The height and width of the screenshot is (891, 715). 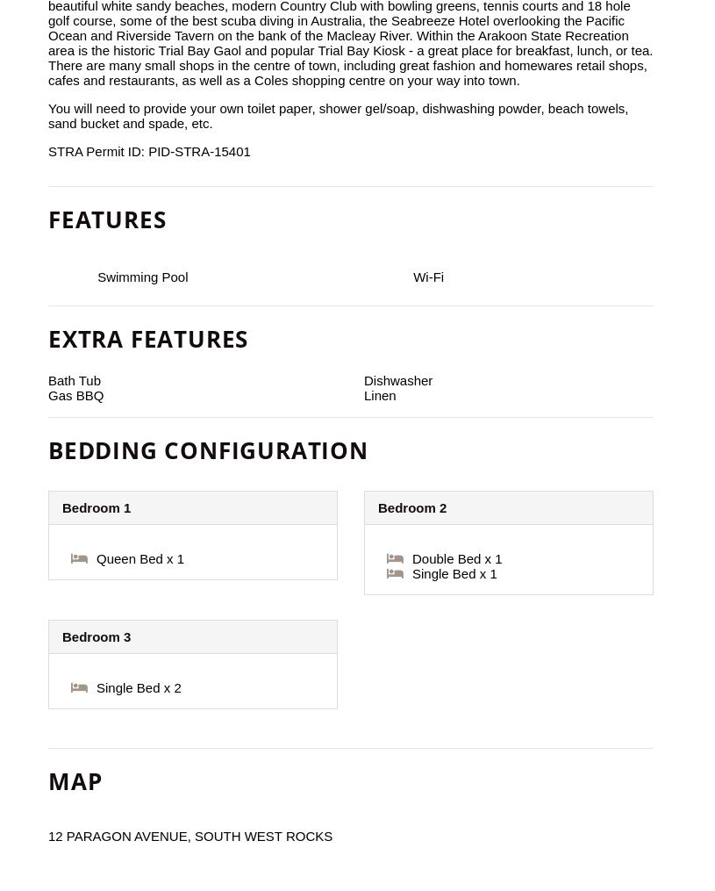 I want to click on 'Linen', so click(x=380, y=394).